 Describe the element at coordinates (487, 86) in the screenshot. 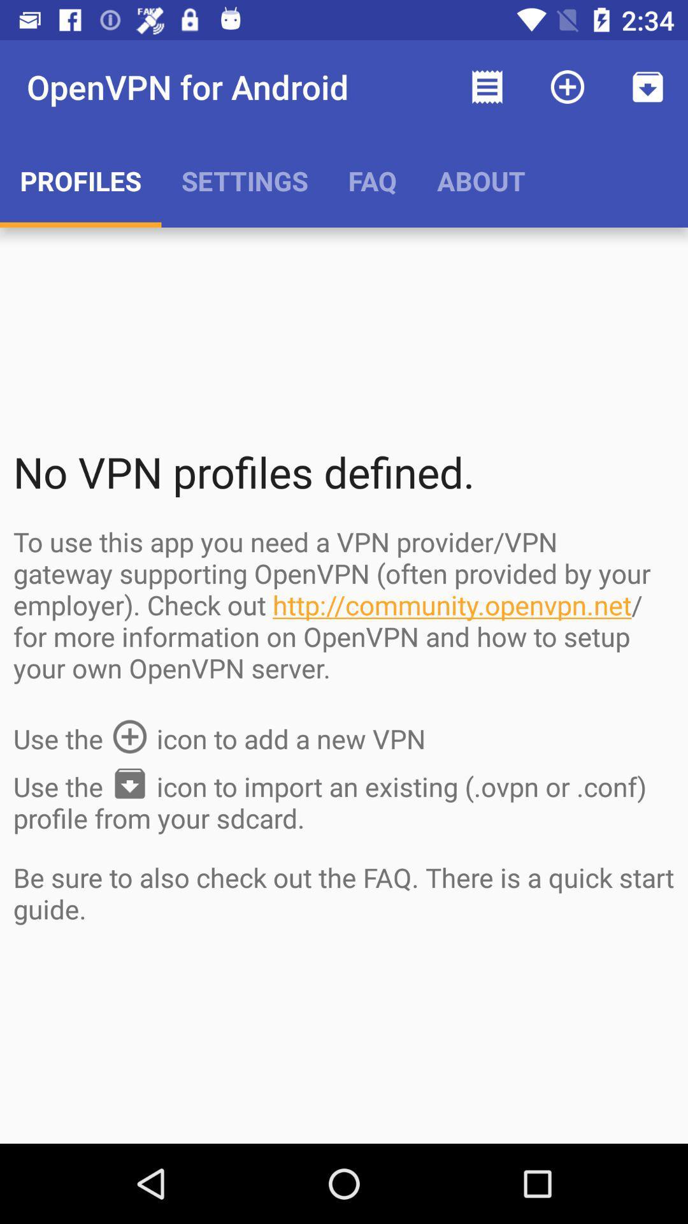

I see `the app to the right of faq app` at that location.